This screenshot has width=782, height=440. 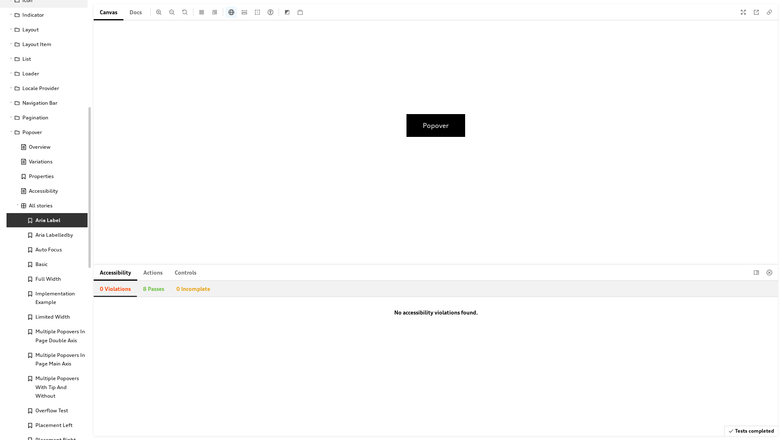 What do you see at coordinates (108, 12) in the screenshot?
I see `'Canvas'` at bounding box center [108, 12].